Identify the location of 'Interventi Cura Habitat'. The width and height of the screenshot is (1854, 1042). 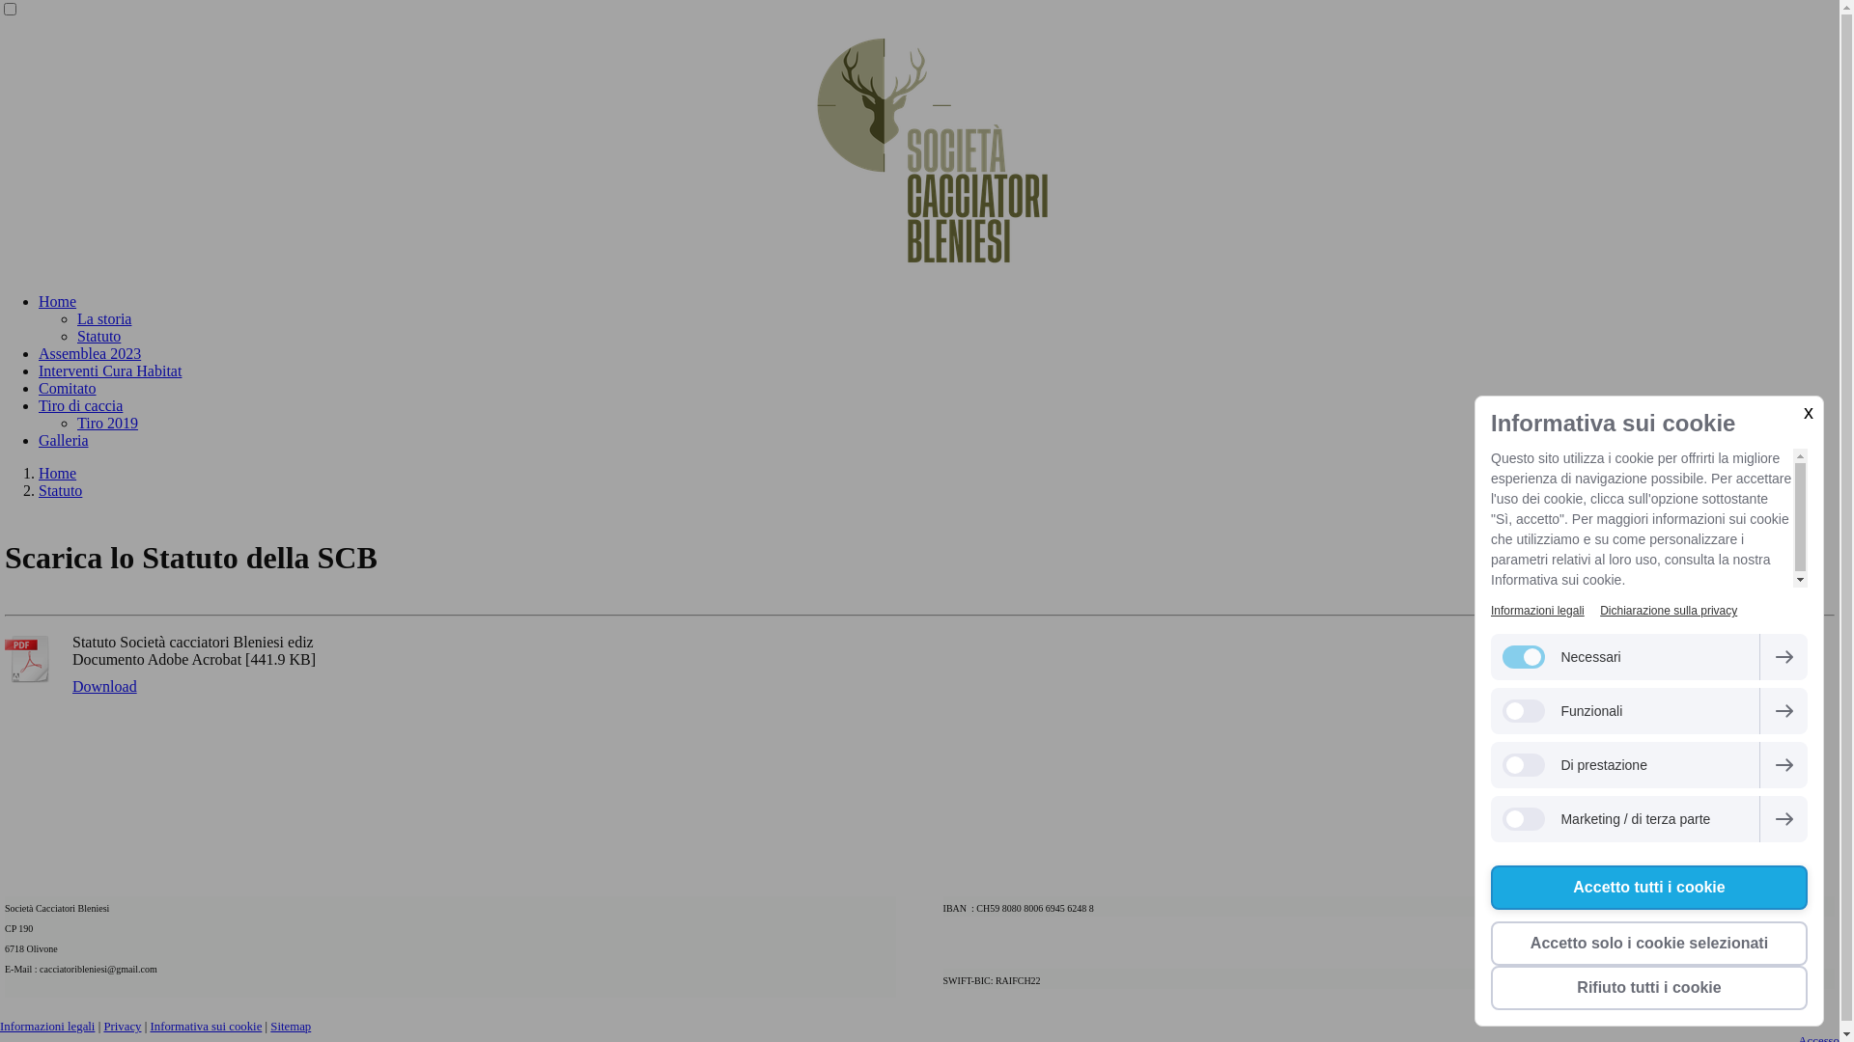
(109, 370).